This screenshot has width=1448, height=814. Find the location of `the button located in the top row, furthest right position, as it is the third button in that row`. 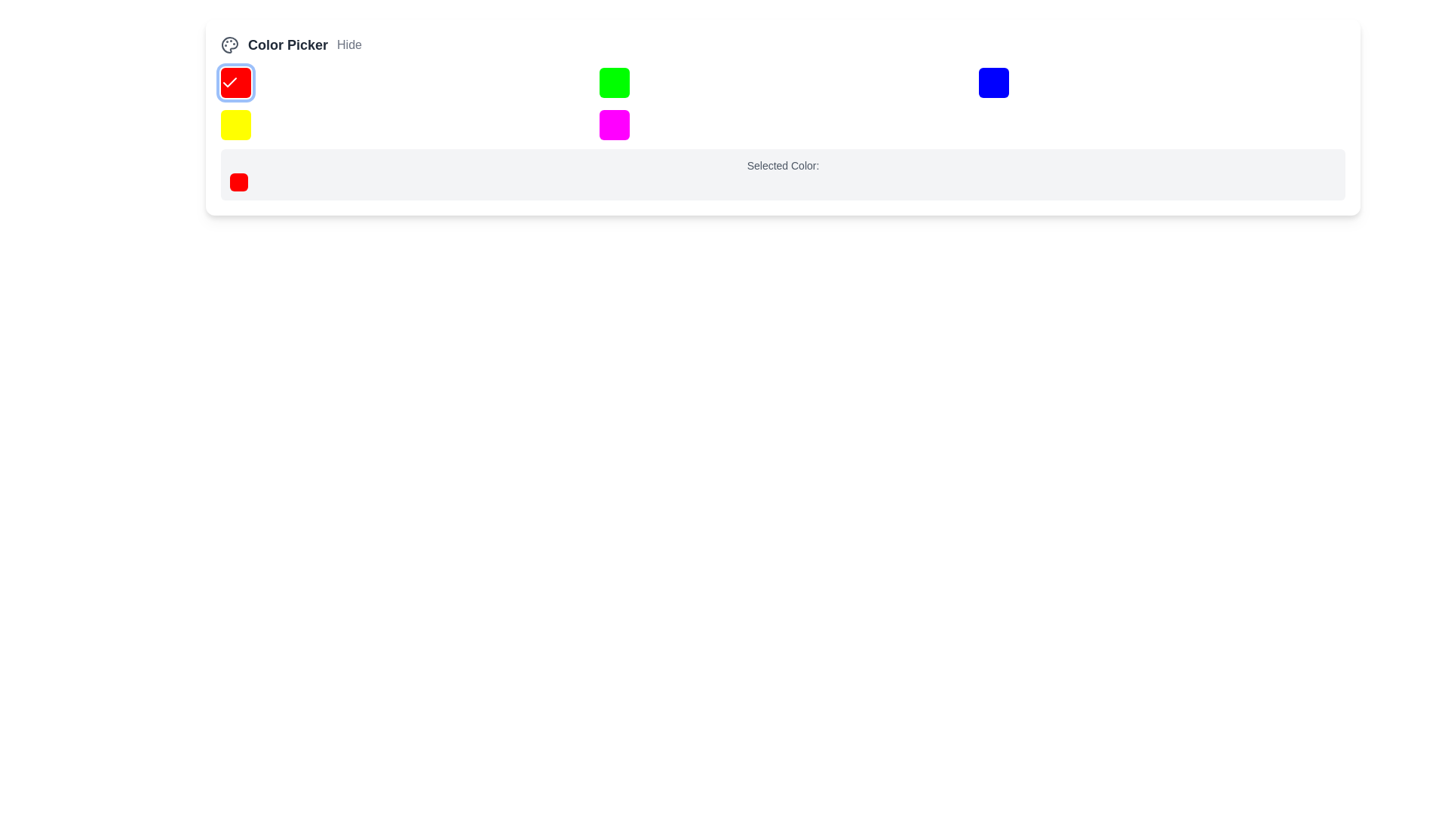

the button located in the top row, furthest right position, as it is the third button in that row is located at coordinates (993, 83).